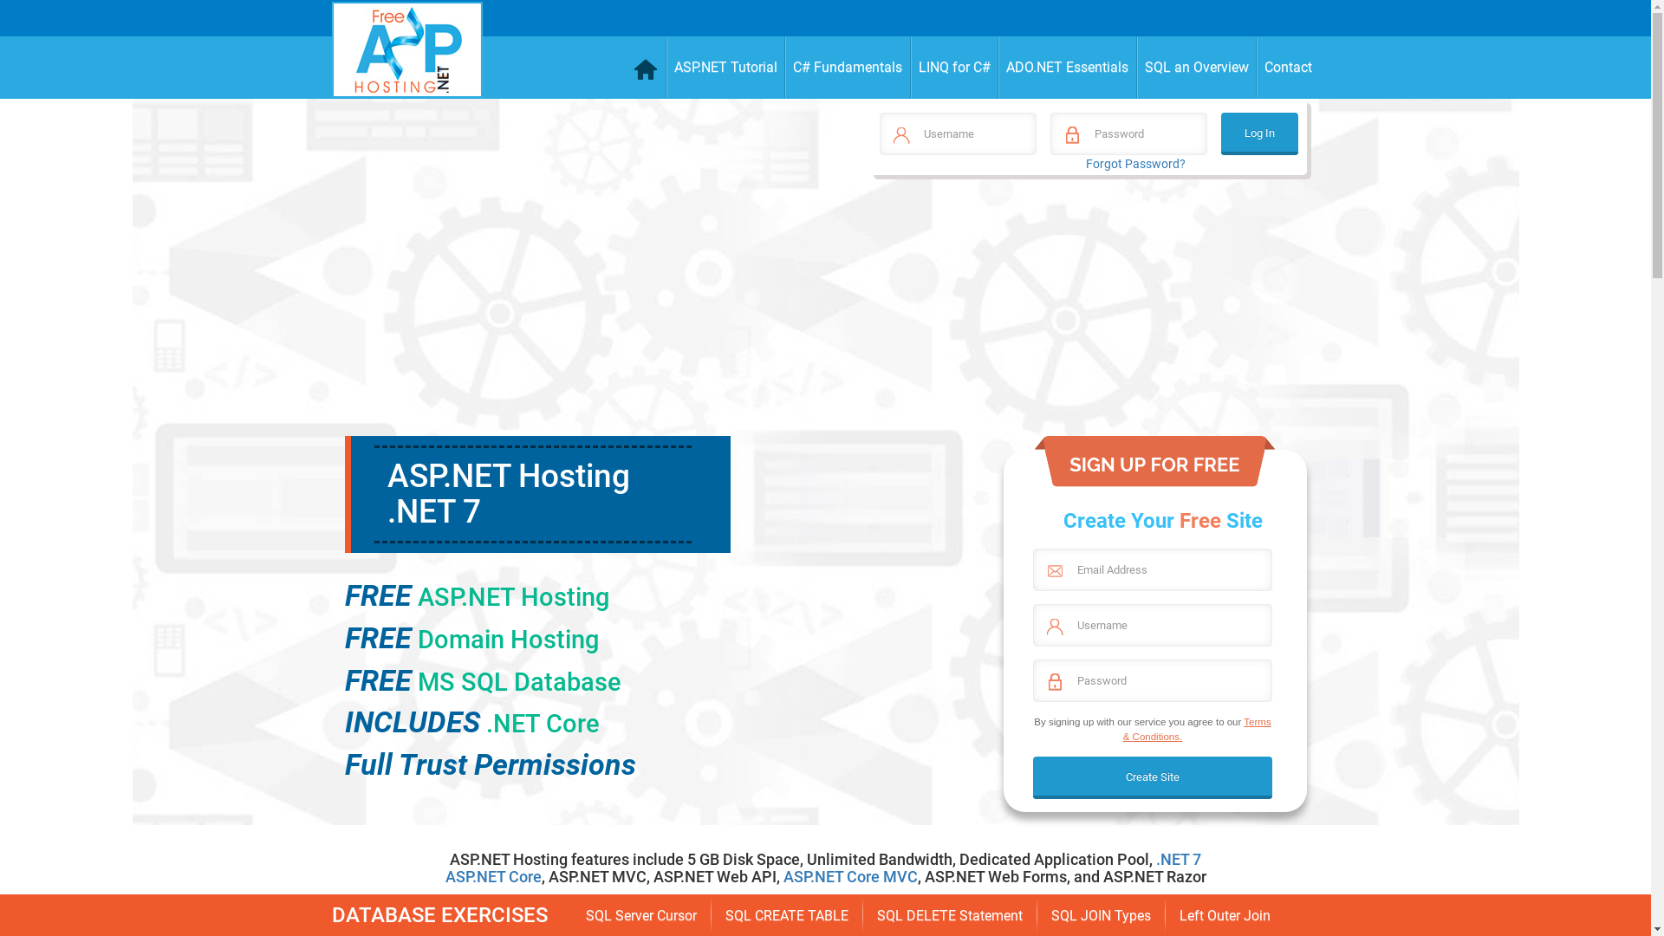 The width and height of the screenshot is (1664, 936). Describe the element at coordinates (1288, 66) in the screenshot. I see `'Contact'` at that location.